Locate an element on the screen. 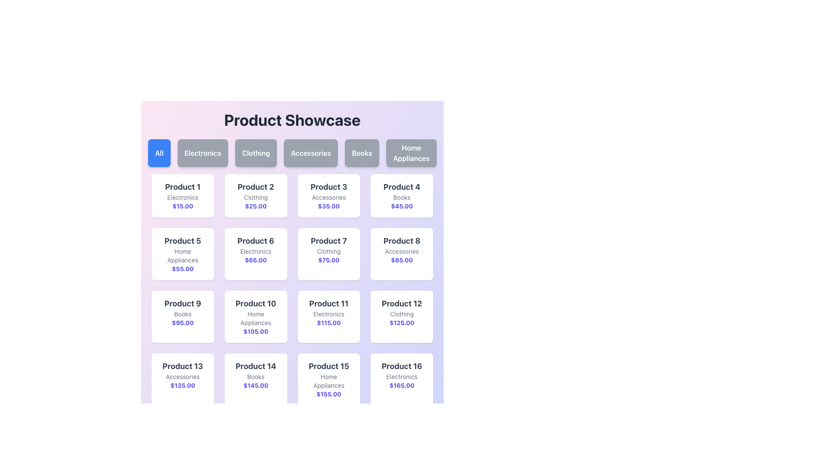 The width and height of the screenshot is (836, 470). the price text label displaying '$45.00' in bold indigo font, part of the product card for 'Product 4' is located at coordinates (401, 206).